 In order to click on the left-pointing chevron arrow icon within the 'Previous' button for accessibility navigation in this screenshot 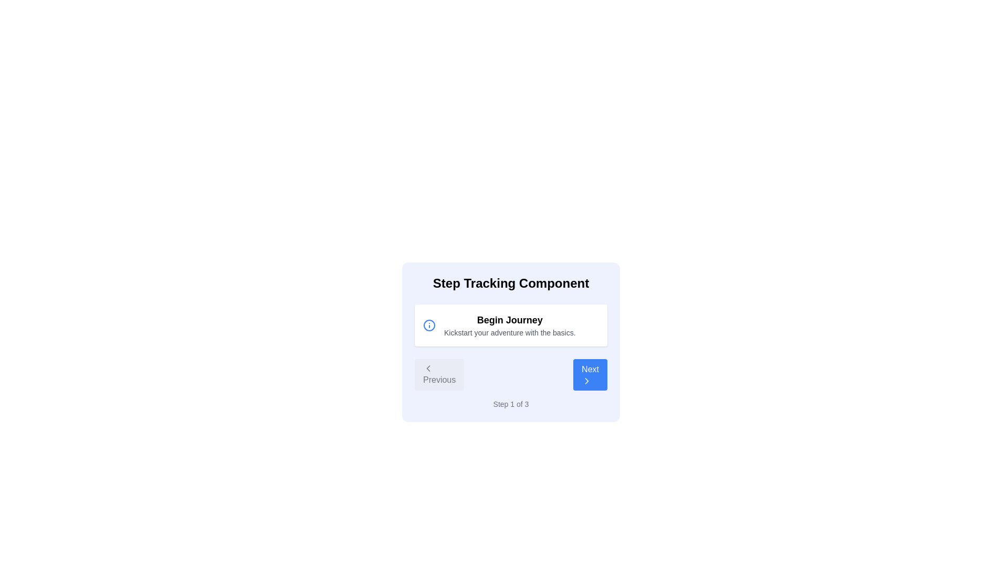, I will do `click(428, 368)`.